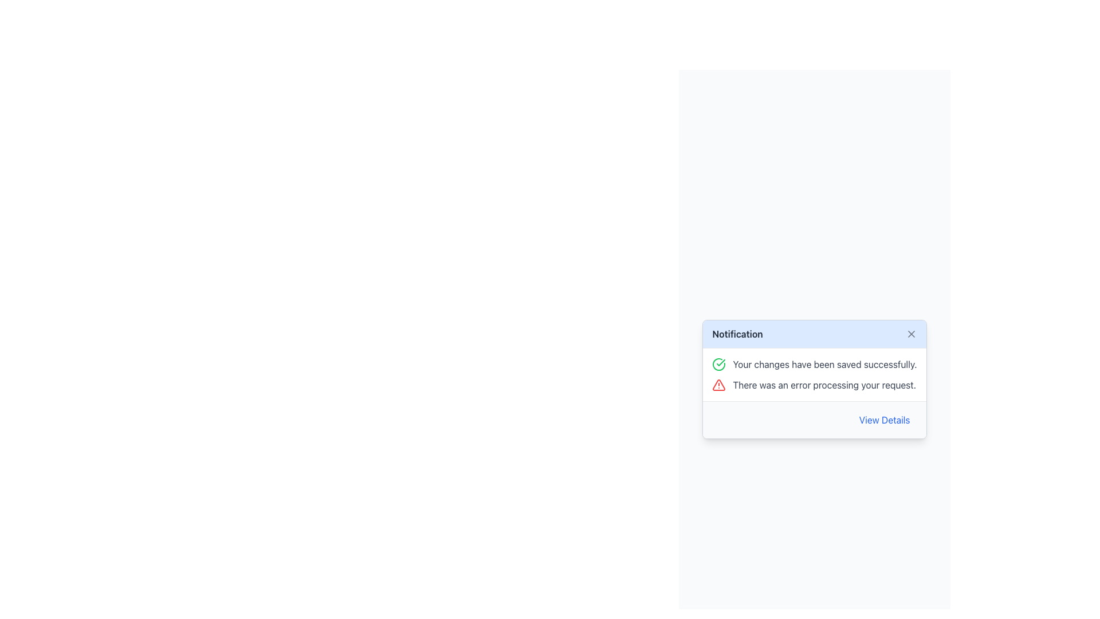 This screenshot has width=1100, height=619. What do you see at coordinates (910, 334) in the screenshot?
I see `the 'X' shaped icon in the top-right corner of the notification card` at bounding box center [910, 334].